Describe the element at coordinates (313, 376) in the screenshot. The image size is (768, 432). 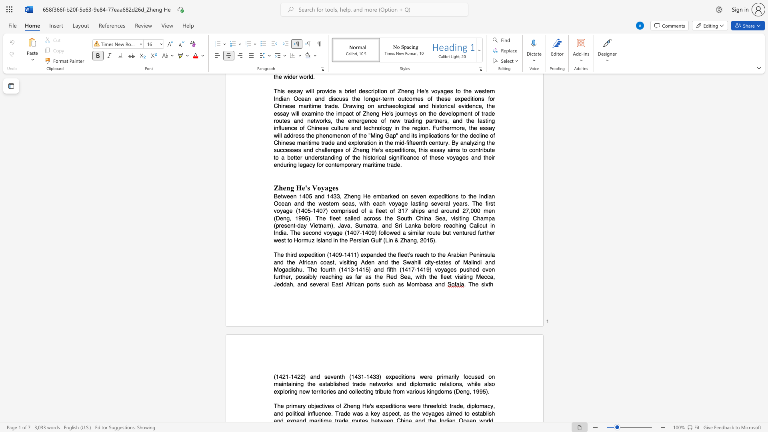
I see `the subset text "nd seventh (1431-1433) expeditions were pri" within the text "(1421-1422) and seventh (1431-1433) expeditions were primarily focused on"` at that location.